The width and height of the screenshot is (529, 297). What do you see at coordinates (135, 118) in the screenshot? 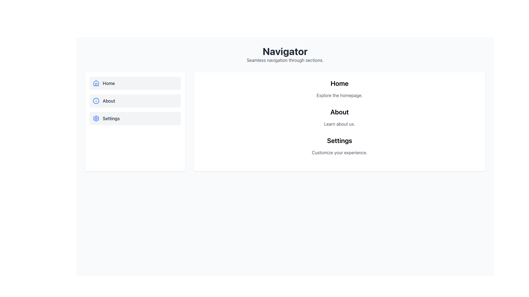
I see `the third button in the vertical list on the left pane` at bounding box center [135, 118].